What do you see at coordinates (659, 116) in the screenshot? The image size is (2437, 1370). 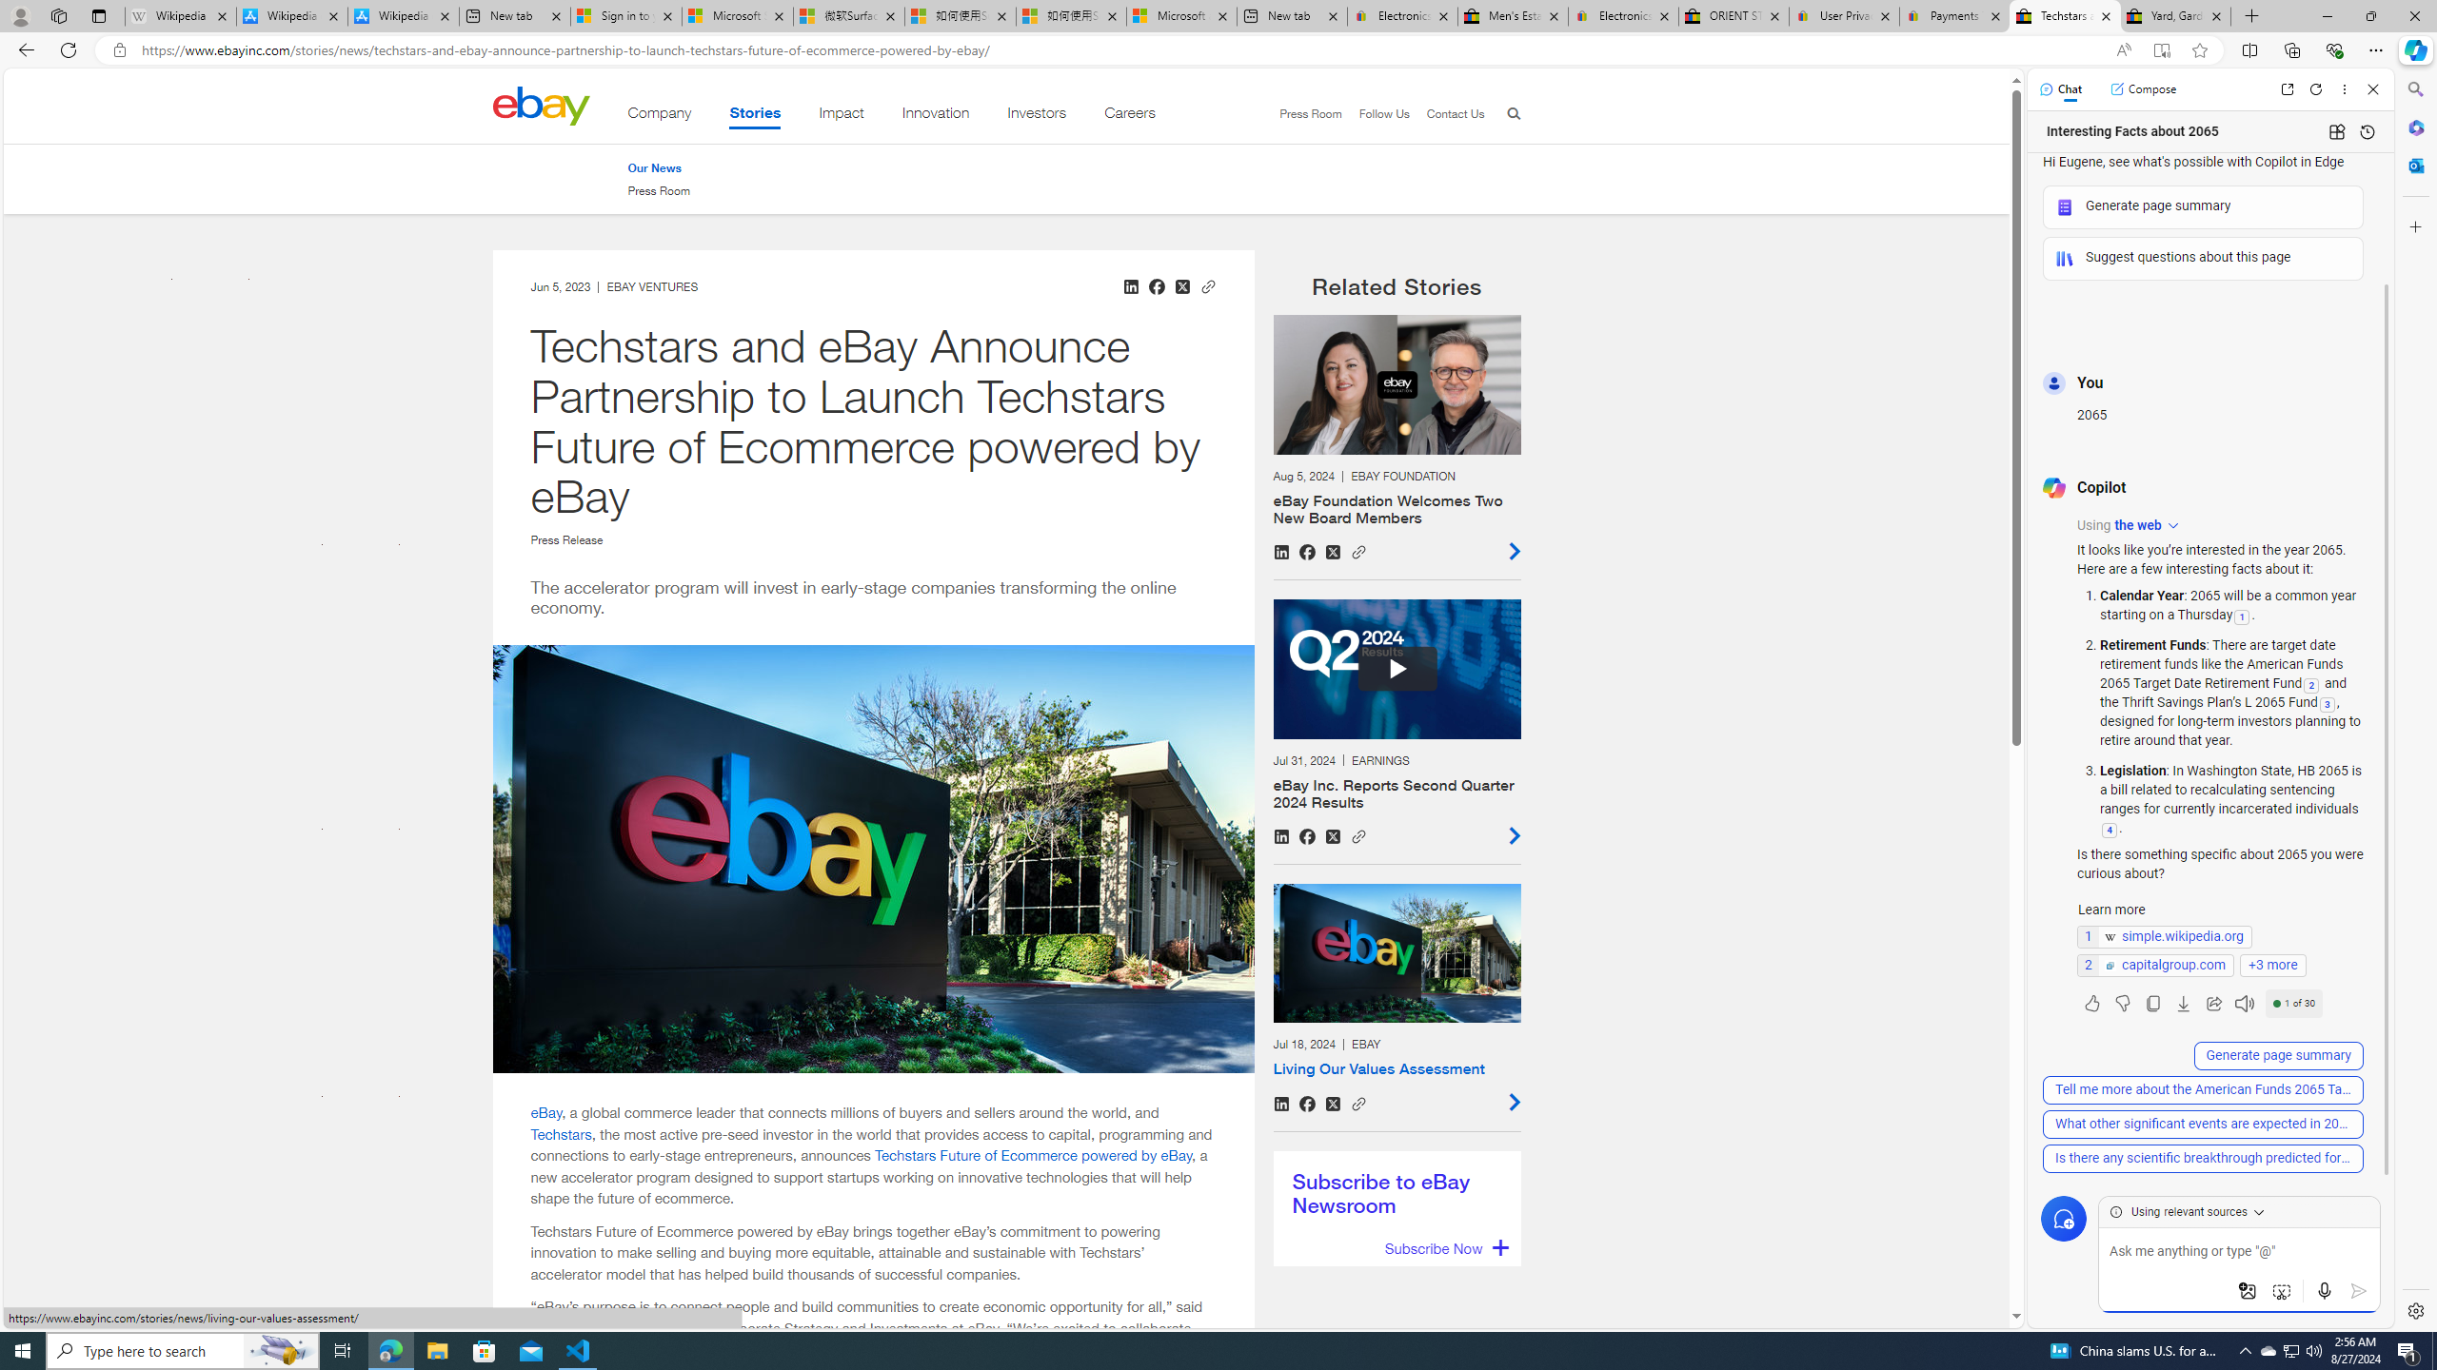 I see `'Company'` at bounding box center [659, 116].